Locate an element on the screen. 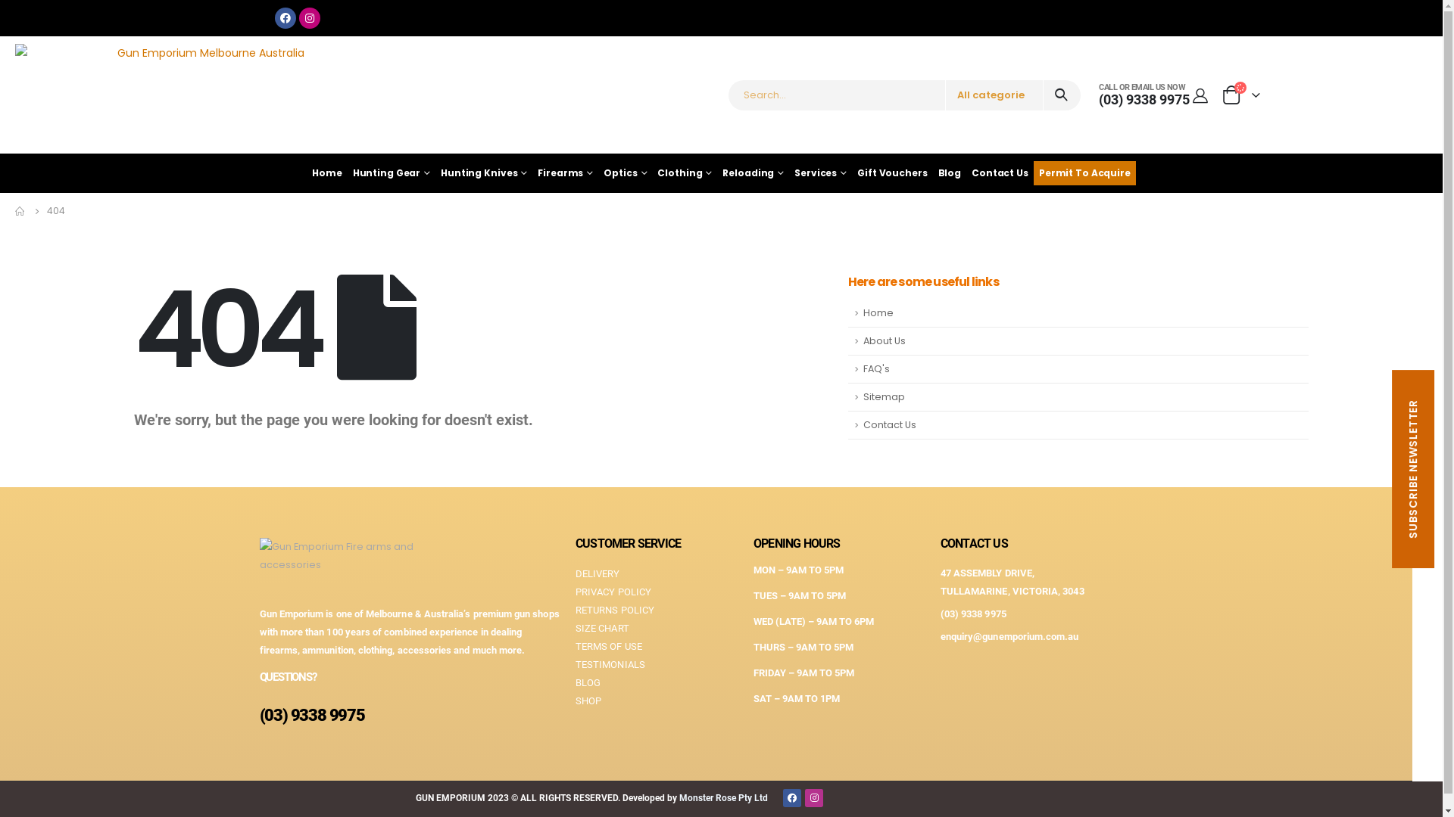  'Gift Vouchers' is located at coordinates (891, 172).